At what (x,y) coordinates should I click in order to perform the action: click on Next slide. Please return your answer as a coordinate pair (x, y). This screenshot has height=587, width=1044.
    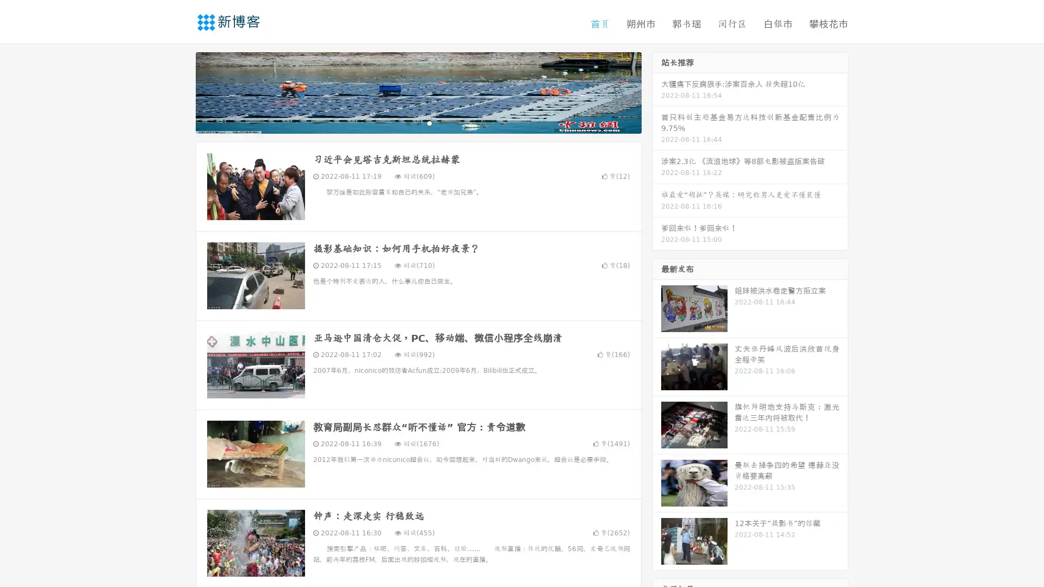
    Looking at the image, I should click on (657, 91).